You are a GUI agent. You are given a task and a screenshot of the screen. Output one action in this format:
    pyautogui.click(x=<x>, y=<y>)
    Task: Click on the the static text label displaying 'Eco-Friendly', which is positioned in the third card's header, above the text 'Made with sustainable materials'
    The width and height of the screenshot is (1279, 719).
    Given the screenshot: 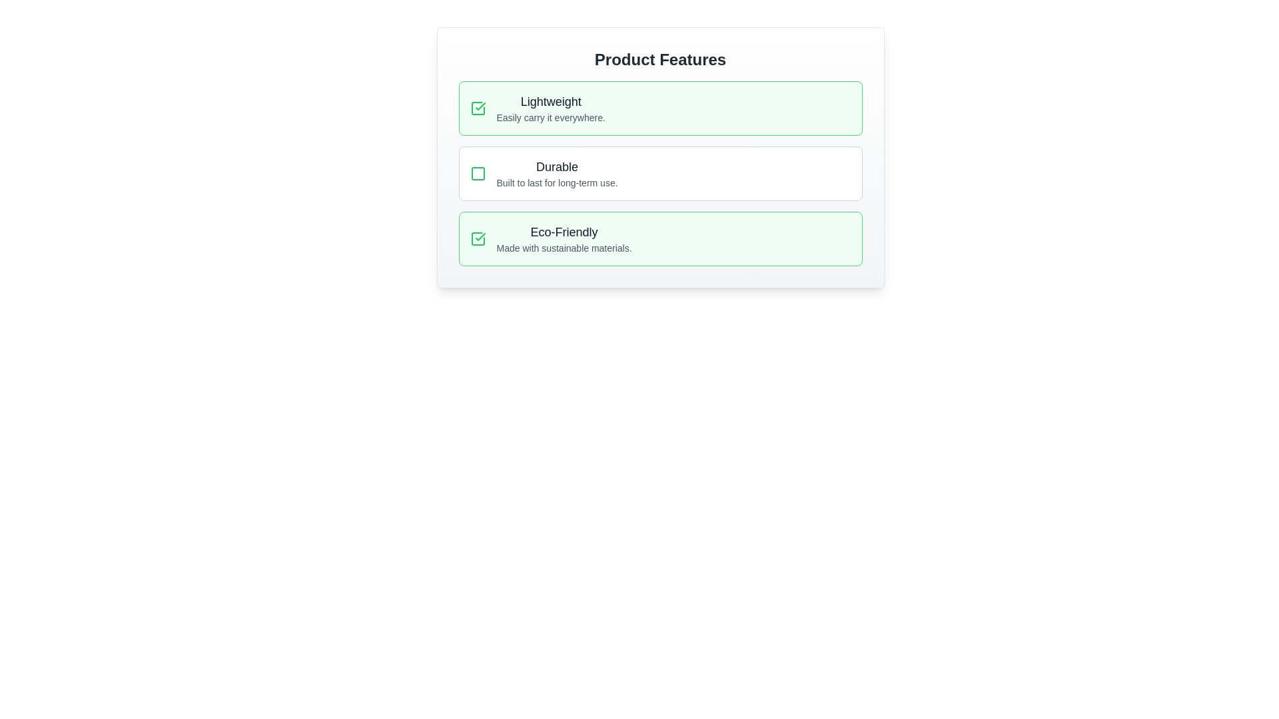 What is the action you would take?
    pyautogui.click(x=564, y=231)
    